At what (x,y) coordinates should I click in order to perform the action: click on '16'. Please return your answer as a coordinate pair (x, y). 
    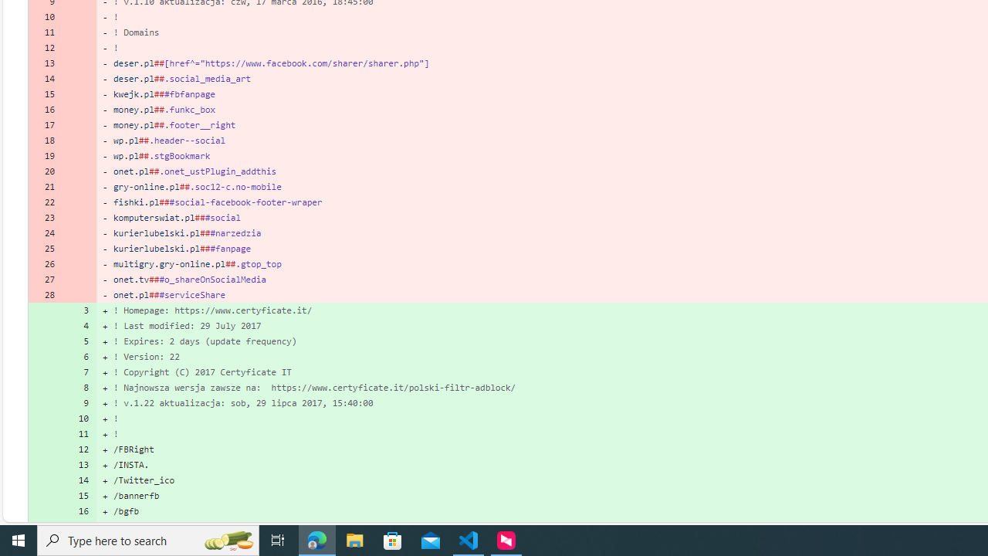
    Looking at the image, I should click on (79, 511).